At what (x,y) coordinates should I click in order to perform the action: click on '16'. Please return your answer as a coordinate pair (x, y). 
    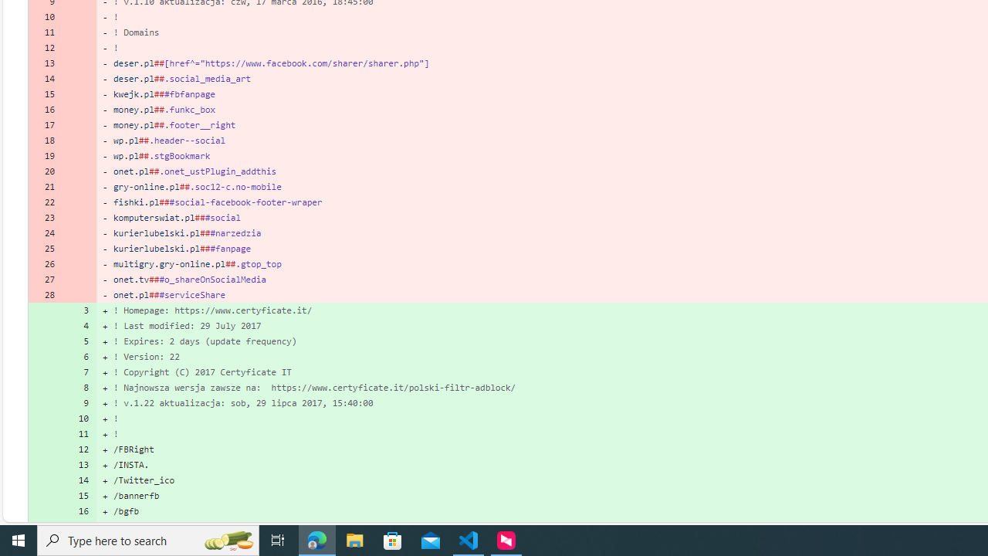
    Looking at the image, I should click on (79, 511).